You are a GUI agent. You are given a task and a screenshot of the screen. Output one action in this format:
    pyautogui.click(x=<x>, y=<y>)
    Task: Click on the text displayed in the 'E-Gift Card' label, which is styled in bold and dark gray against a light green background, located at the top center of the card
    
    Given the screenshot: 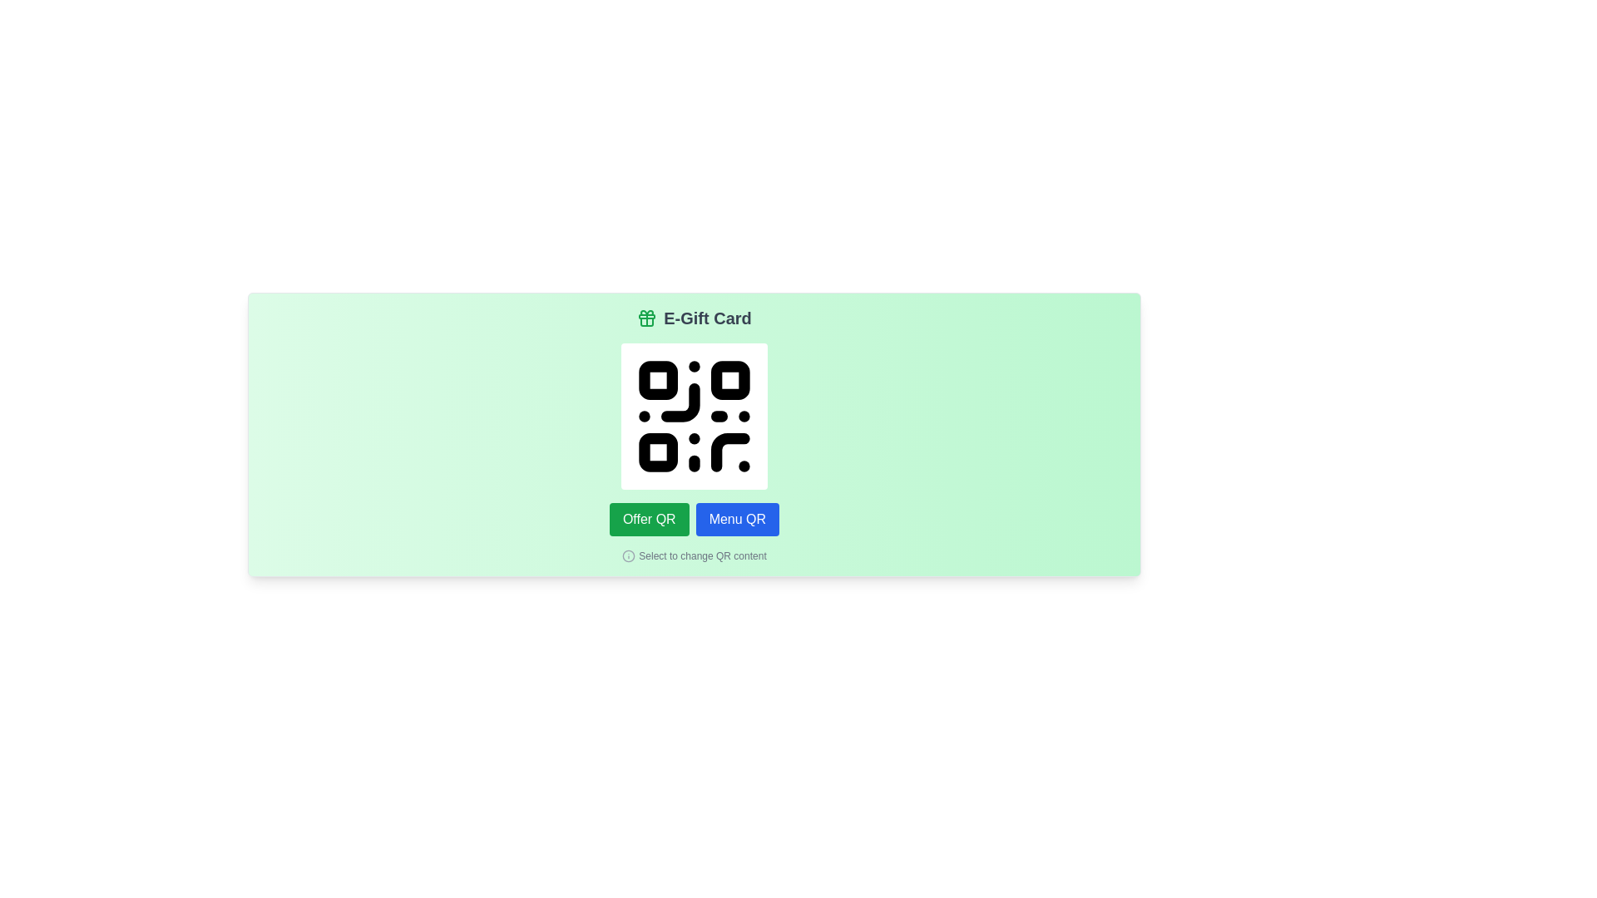 What is the action you would take?
    pyautogui.click(x=707, y=318)
    